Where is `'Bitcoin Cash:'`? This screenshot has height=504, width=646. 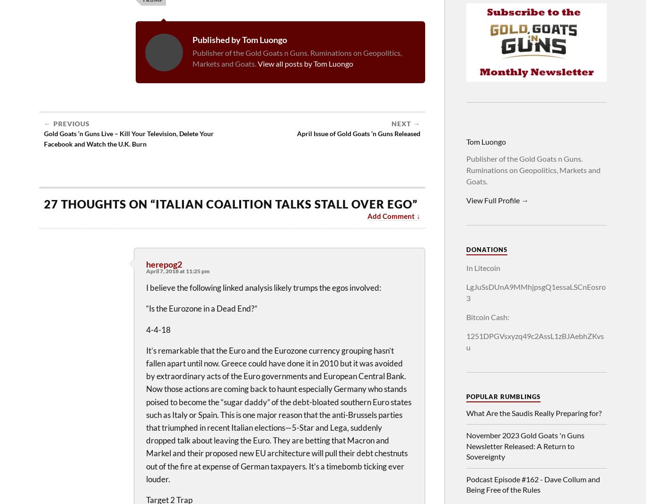
'Bitcoin Cash:' is located at coordinates (487, 316).